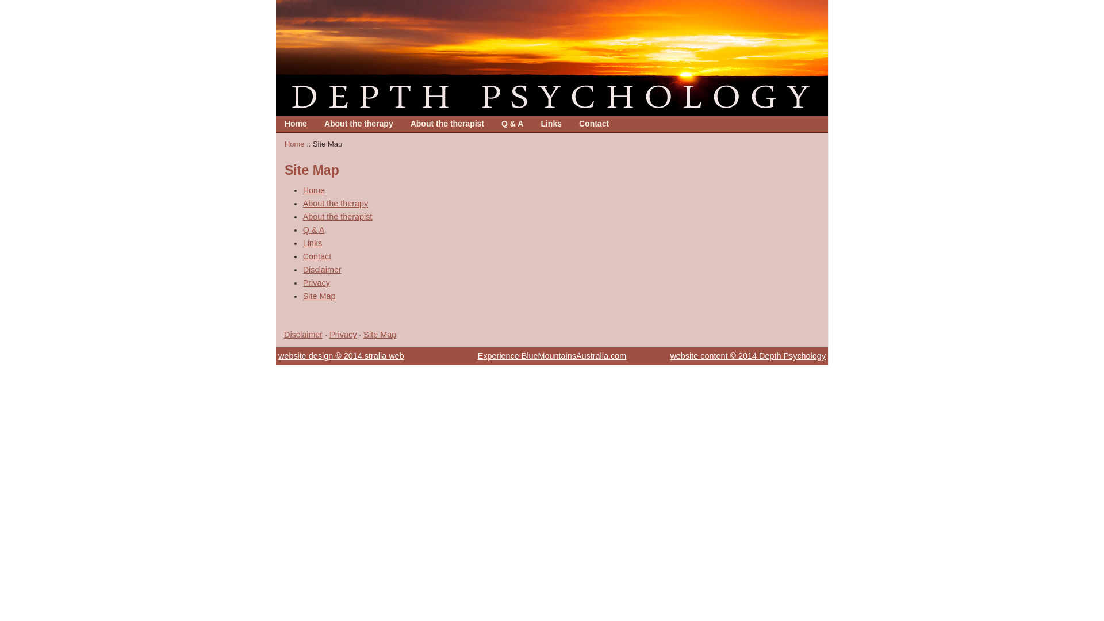 The image size is (1104, 621). What do you see at coordinates (446, 124) in the screenshot?
I see `'About the therapist'` at bounding box center [446, 124].